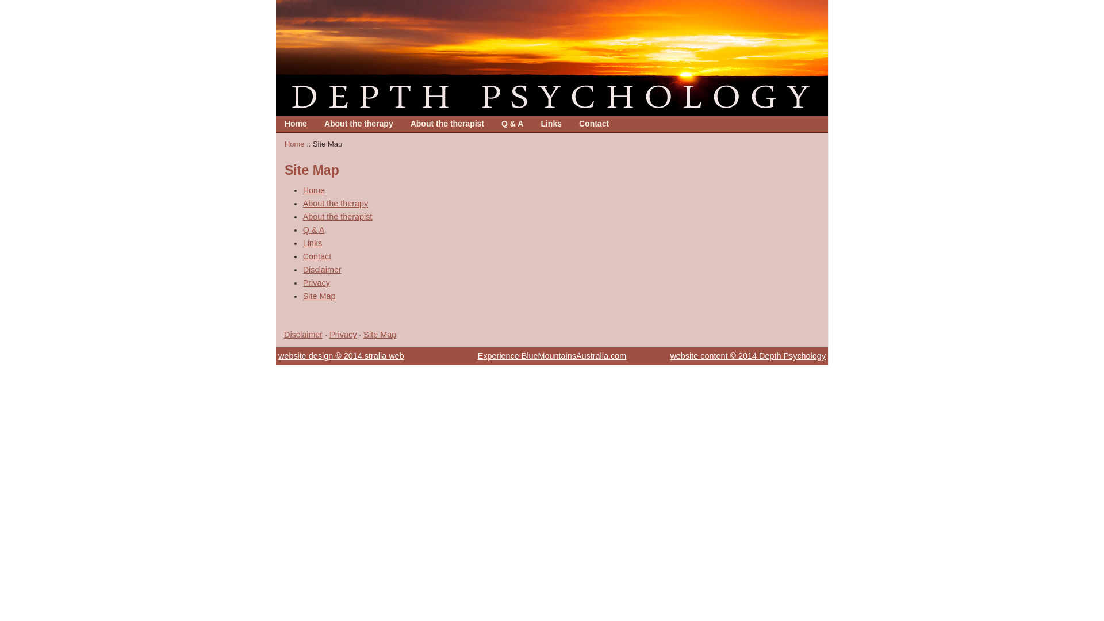 The image size is (1104, 621). What do you see at coordinates (446, 124) in the screenshot?
I see `'About the therapist'` at bounding box center [446, 124].